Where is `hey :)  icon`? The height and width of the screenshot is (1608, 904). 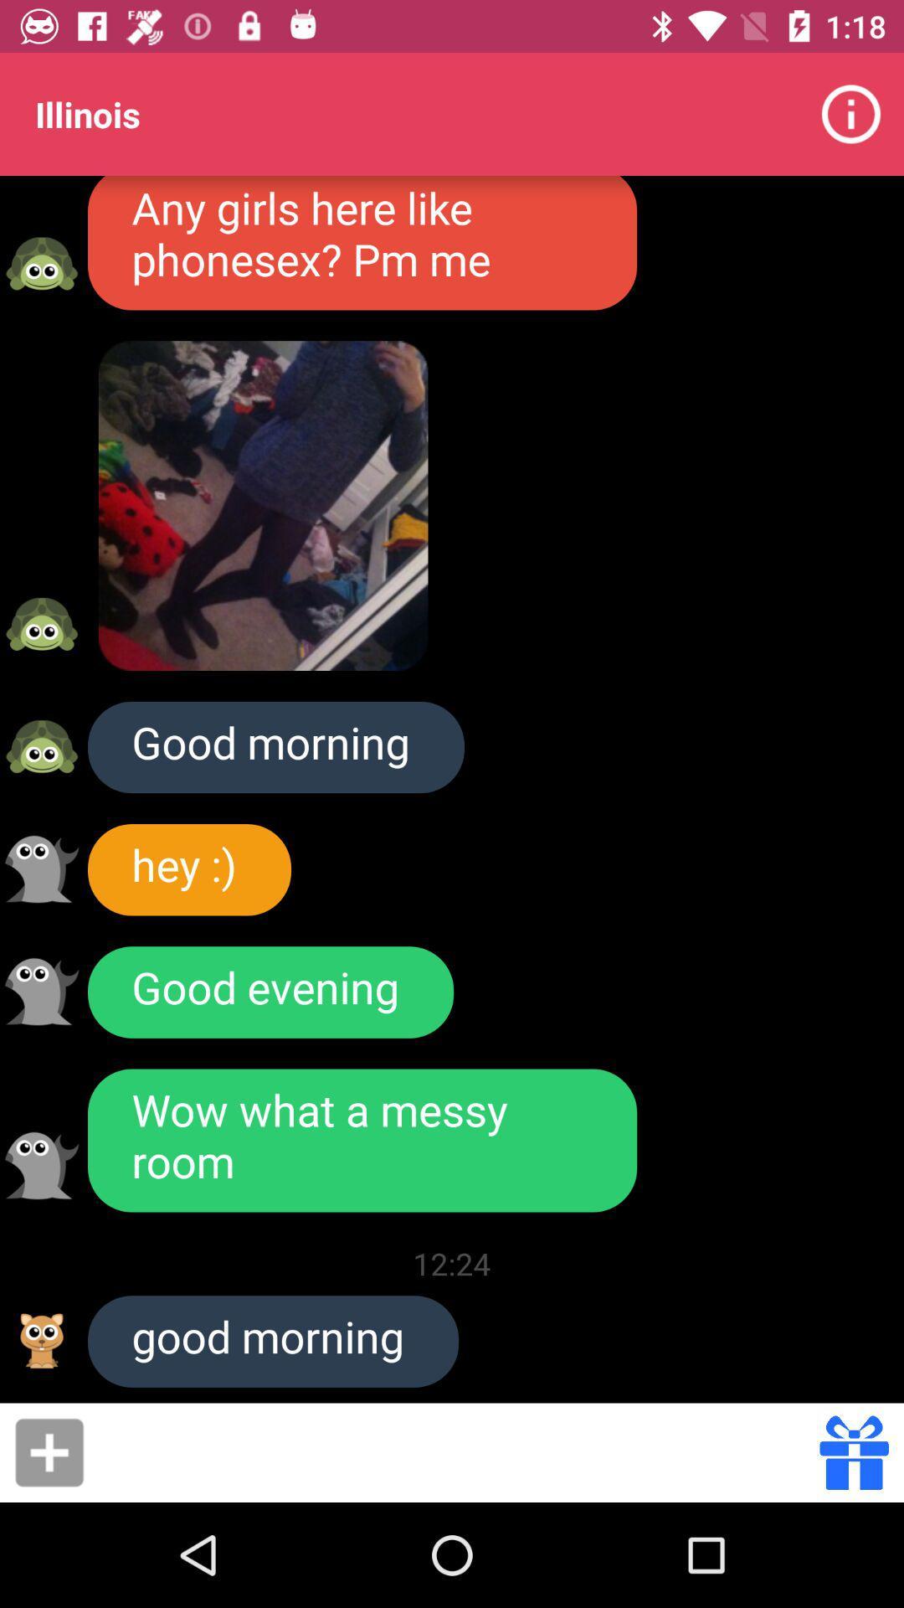 hey :)  icon is located at coordinates (188, 869).